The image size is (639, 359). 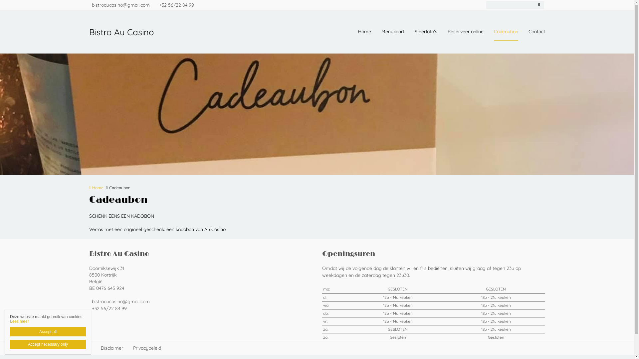 What do you see at coordinates (393, 32) in the screenshot?
I see `'Menukaart'` at bounding box center [393, 32].